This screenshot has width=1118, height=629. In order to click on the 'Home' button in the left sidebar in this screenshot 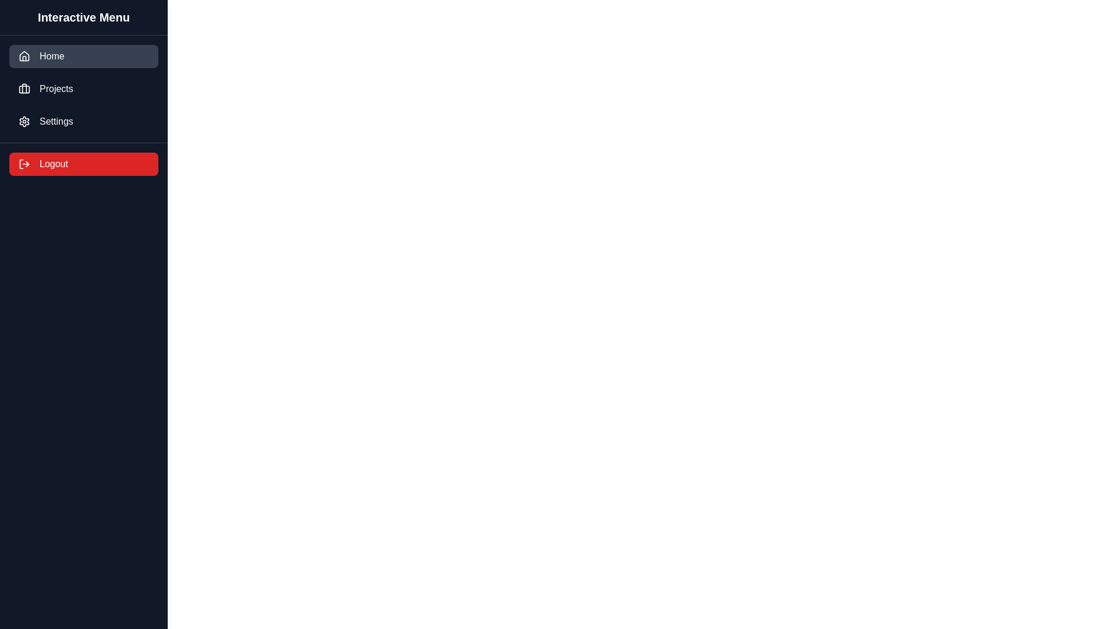, I will do `click(83, 56)`.